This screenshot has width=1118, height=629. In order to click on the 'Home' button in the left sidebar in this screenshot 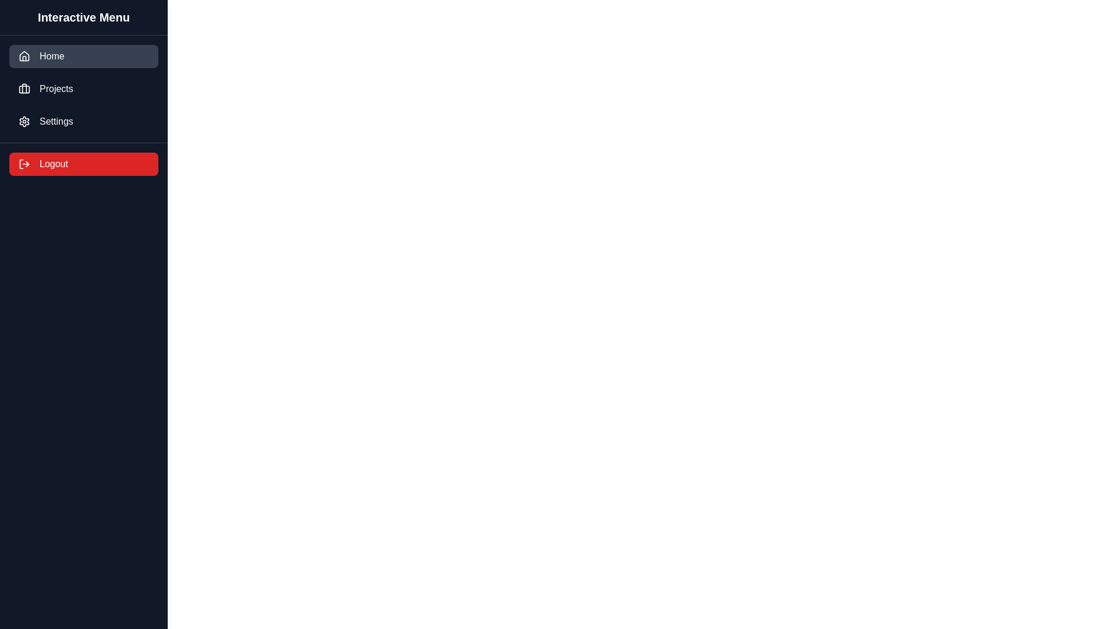, I will do `click(83, 56)`.